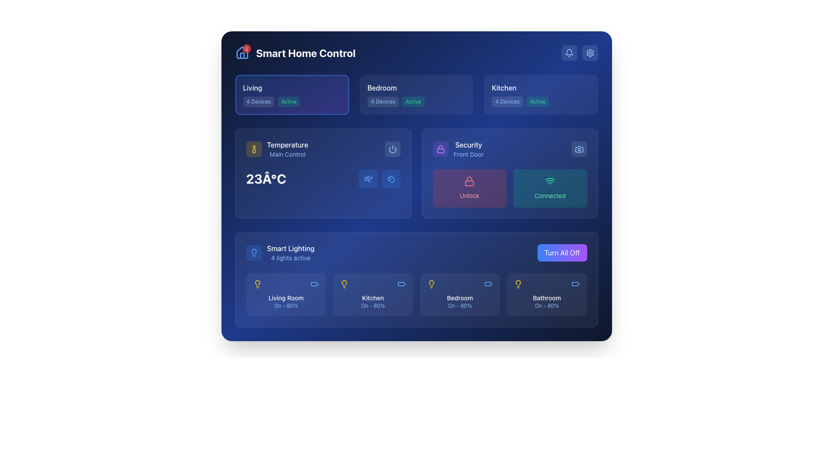 This screenshot has width=837, height=470. What do you see at coordinates (537, 101) in the screenshot?
I see `the 'Active' status indicator text label in the Kitchen section of the smart home interface` at bounding box center [537, 101].